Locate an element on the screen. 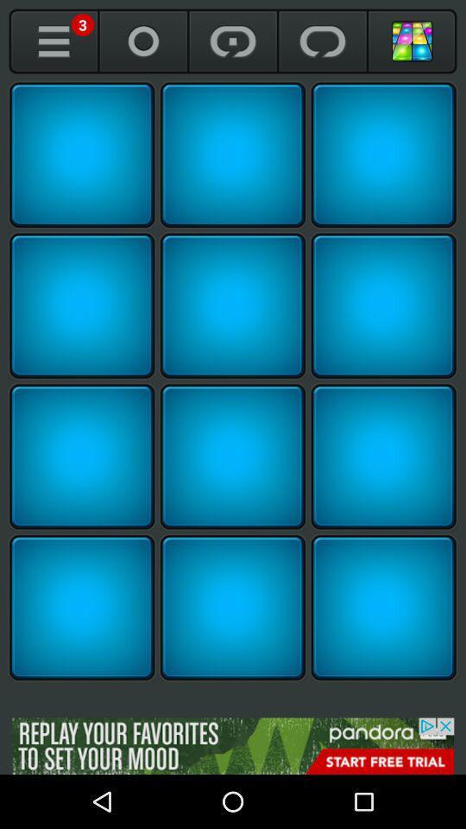 The width and height of the screenshot is (466, 829). row 1 center loop is located at coordinates (233, 154).